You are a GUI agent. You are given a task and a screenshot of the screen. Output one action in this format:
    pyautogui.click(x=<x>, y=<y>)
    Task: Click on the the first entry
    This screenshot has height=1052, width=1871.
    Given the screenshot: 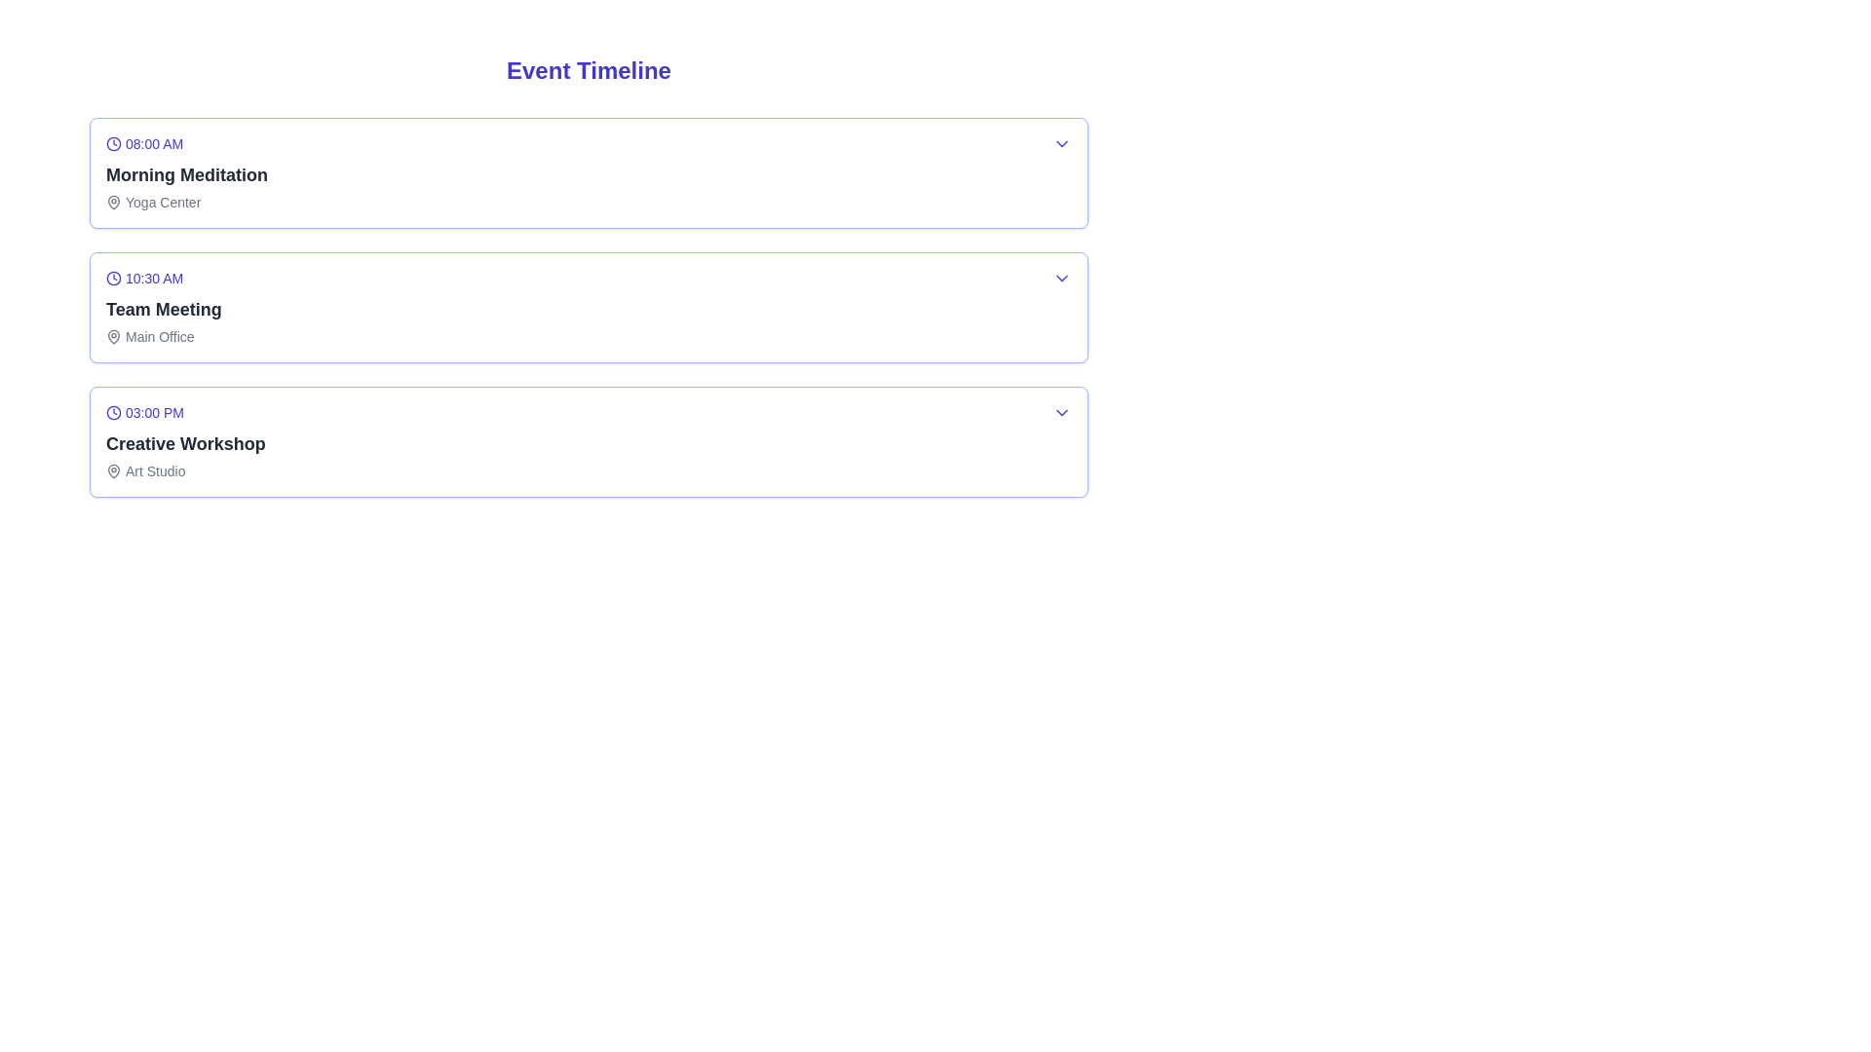 What is the action you would take?
    pyautogui.click(x=588, y=171)
    